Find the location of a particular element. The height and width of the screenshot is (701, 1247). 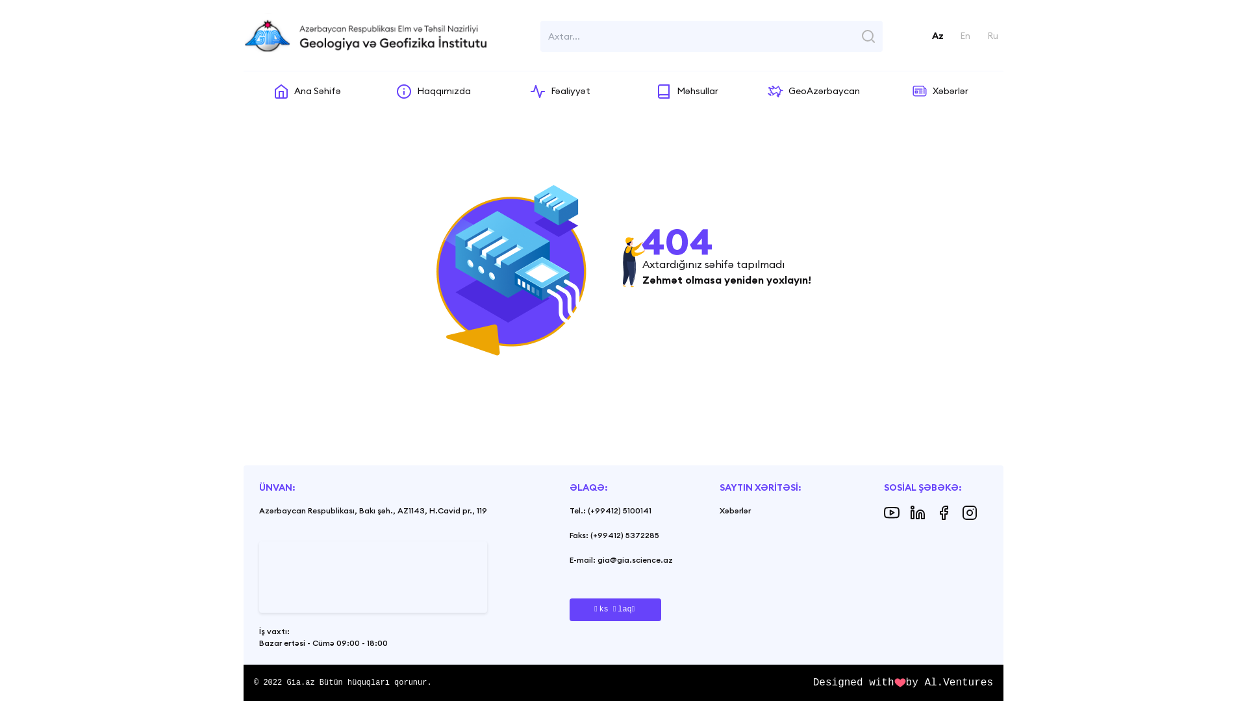

'Az' is located at coordinates (931, 35).